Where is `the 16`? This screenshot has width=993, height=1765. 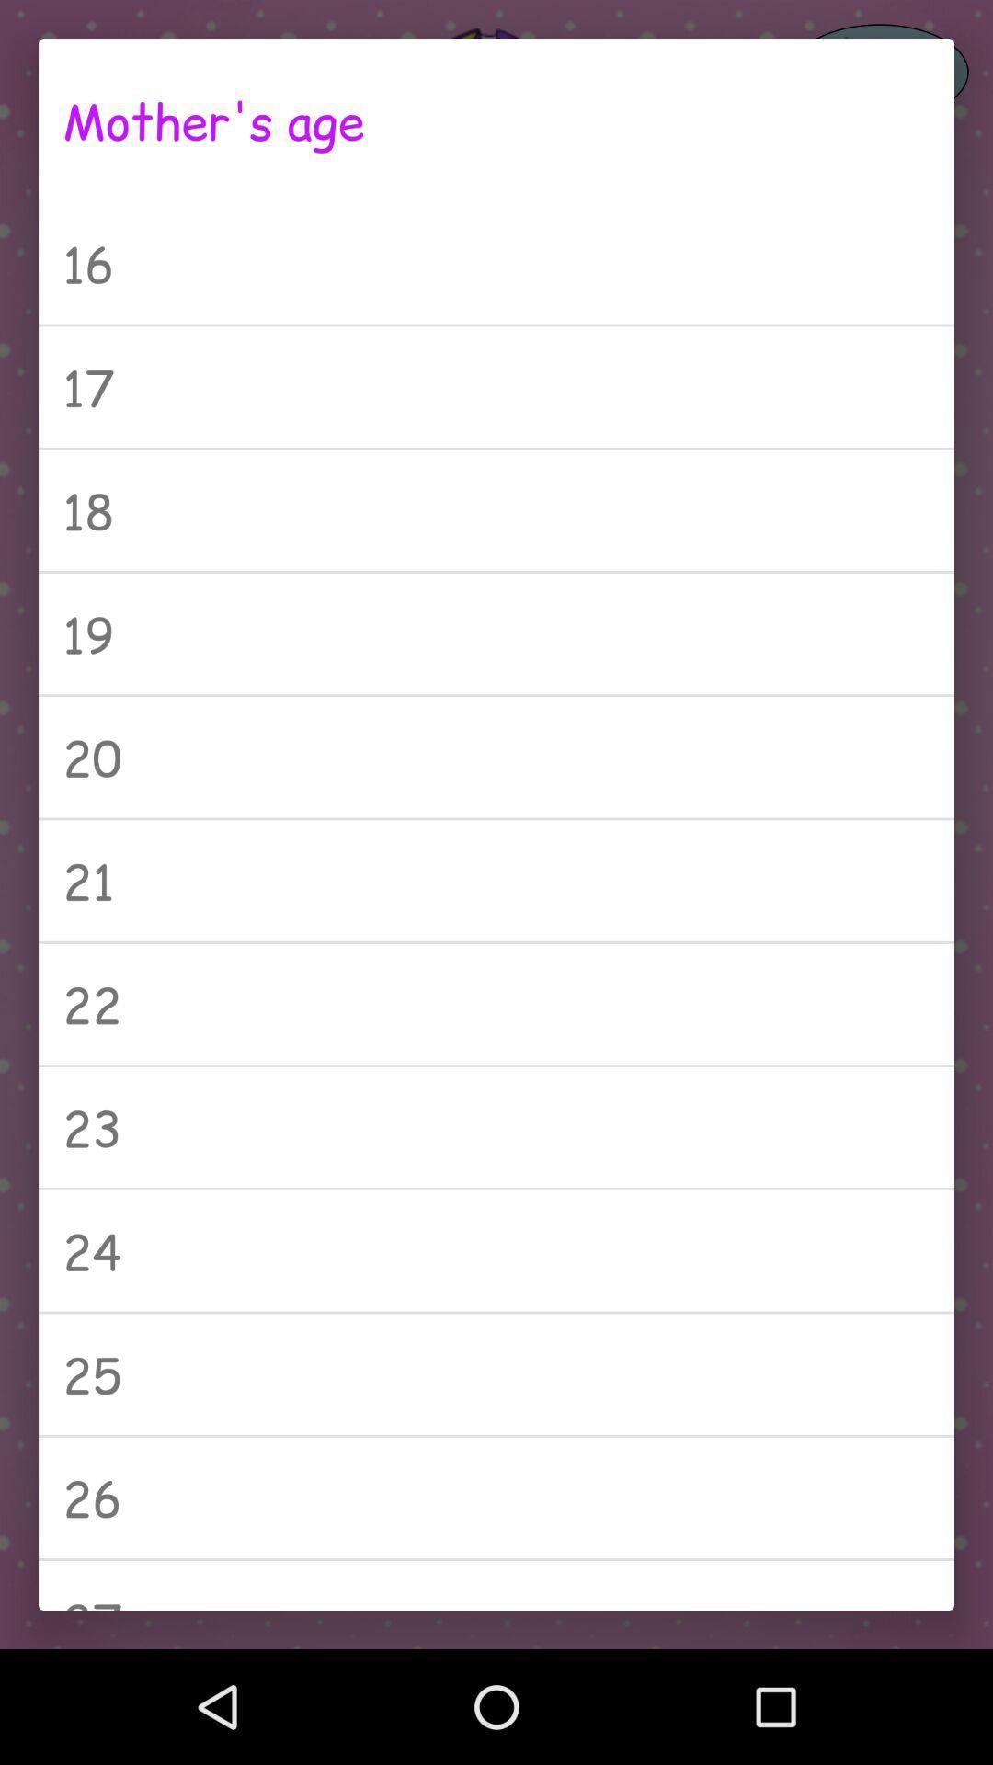
the 16 is located at coordinates (496, 262).